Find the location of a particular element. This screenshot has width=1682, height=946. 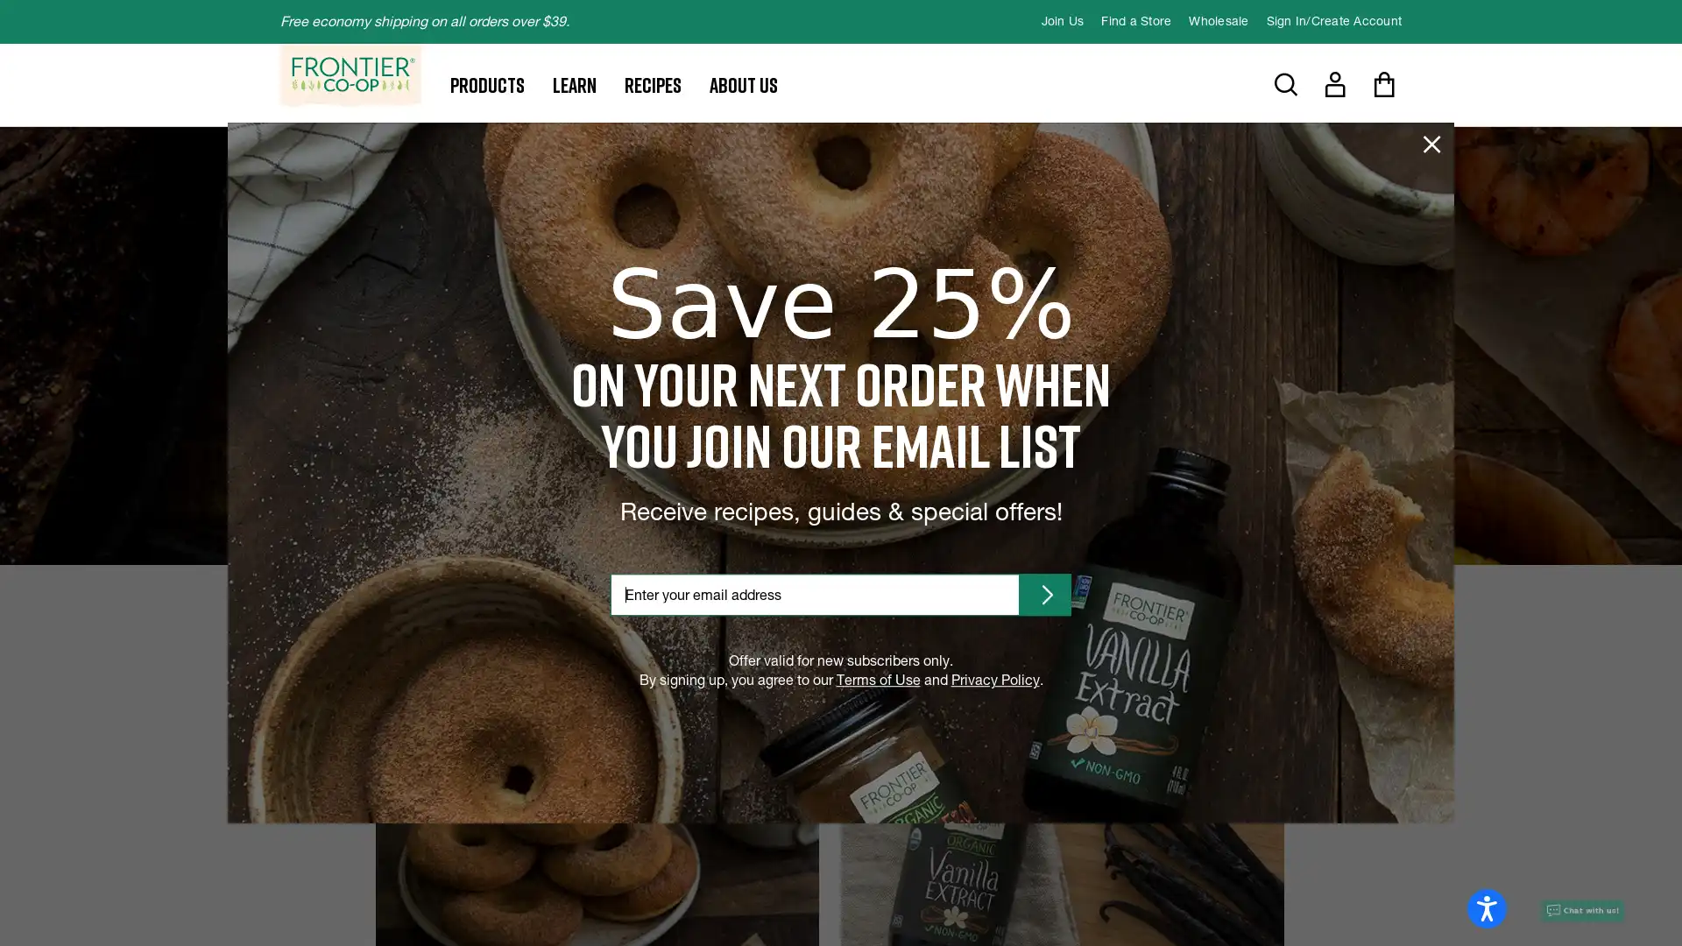

My Cart is located at coordinates (1382, 84).